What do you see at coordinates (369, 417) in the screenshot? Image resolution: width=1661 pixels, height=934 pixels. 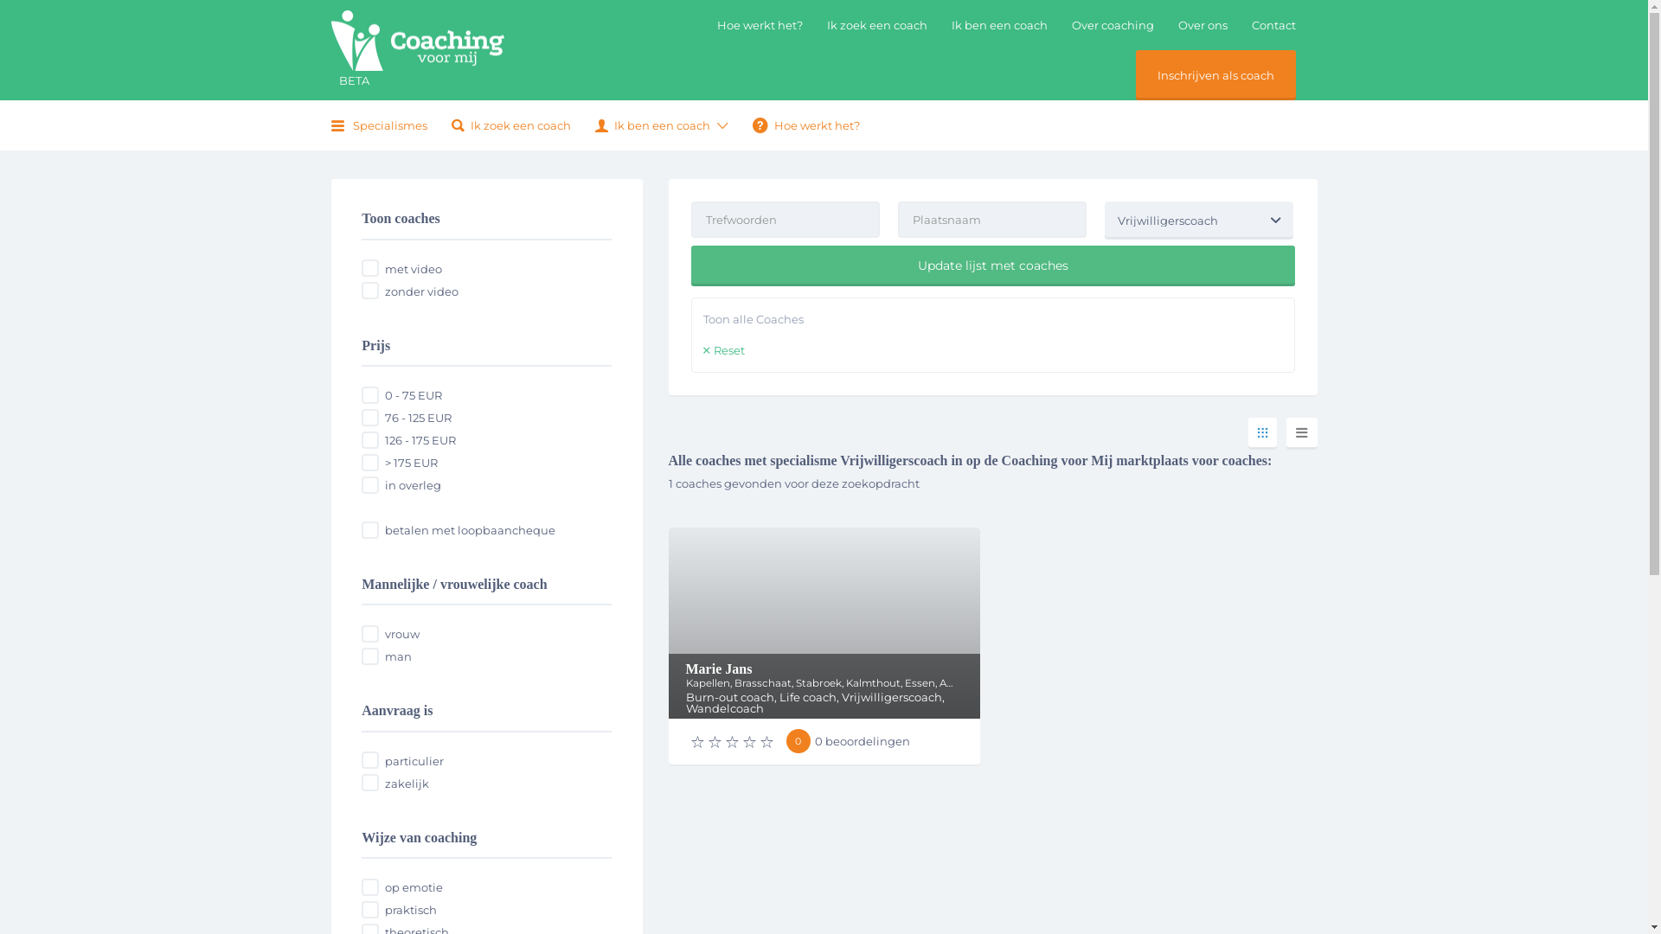 I see `'76_125'` at bounding box center [369, 417].